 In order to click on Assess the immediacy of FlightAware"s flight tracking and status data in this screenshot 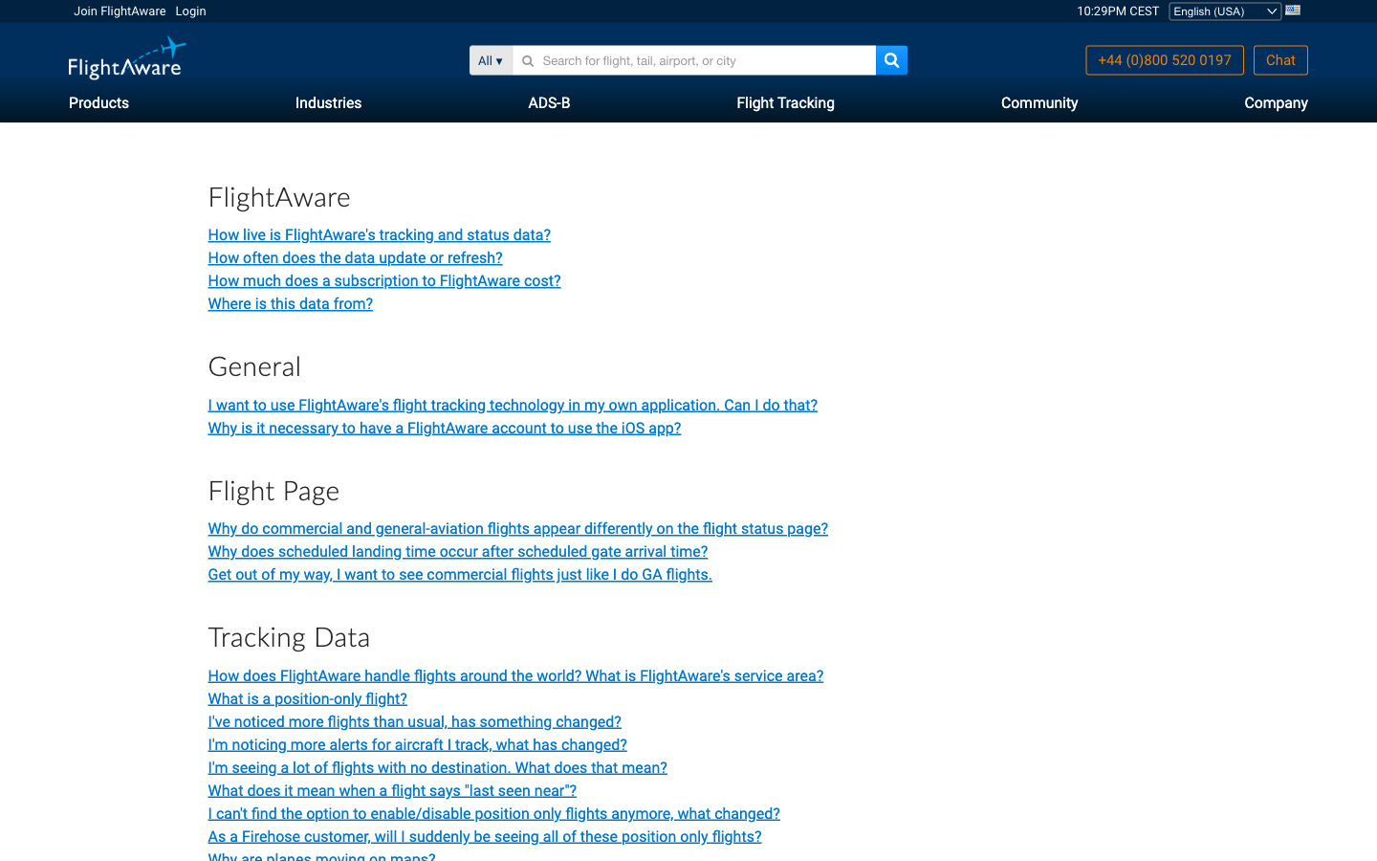, I will do `click(418, 743)`.